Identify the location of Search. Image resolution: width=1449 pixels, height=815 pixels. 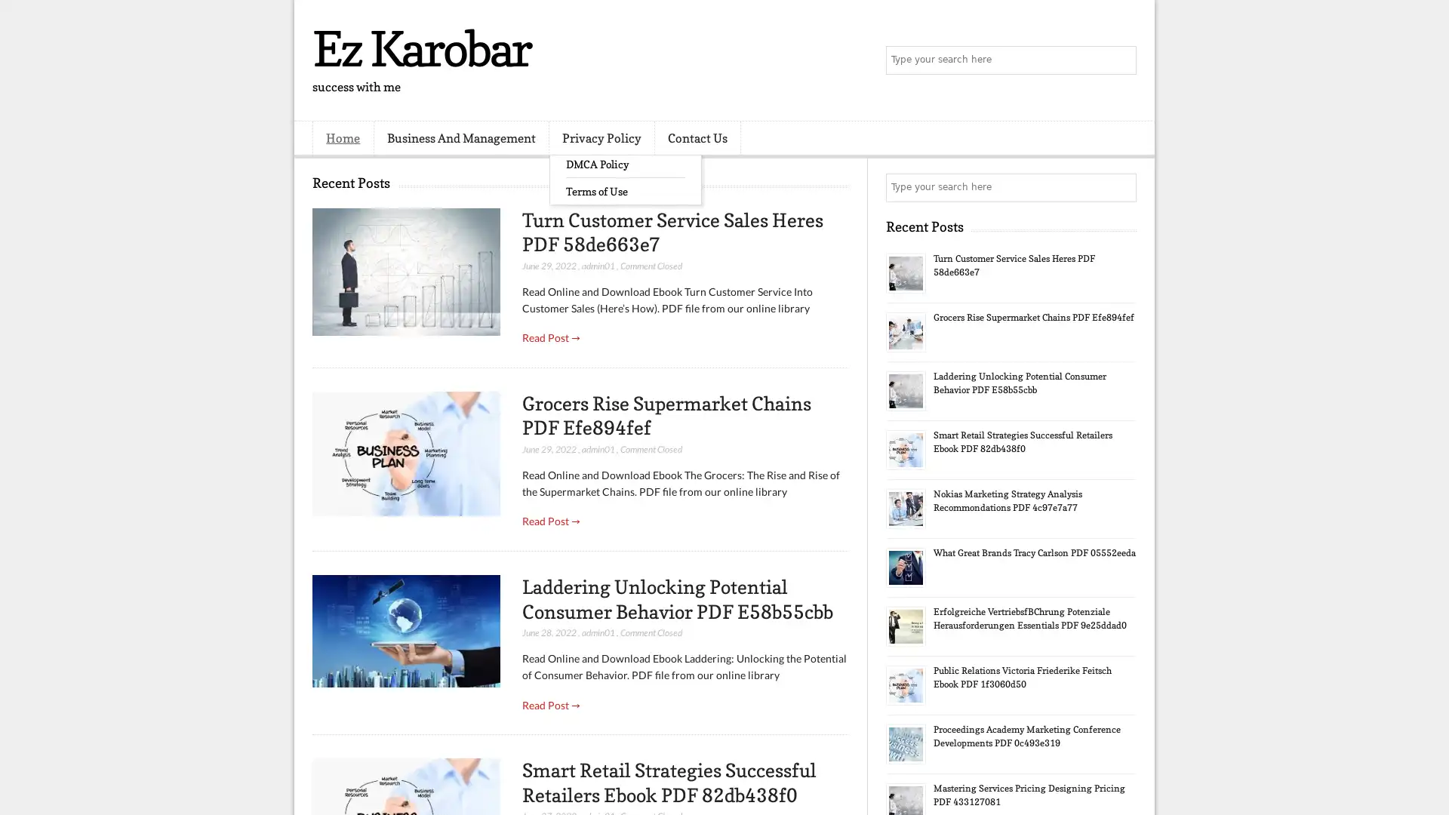
(1121, 60).